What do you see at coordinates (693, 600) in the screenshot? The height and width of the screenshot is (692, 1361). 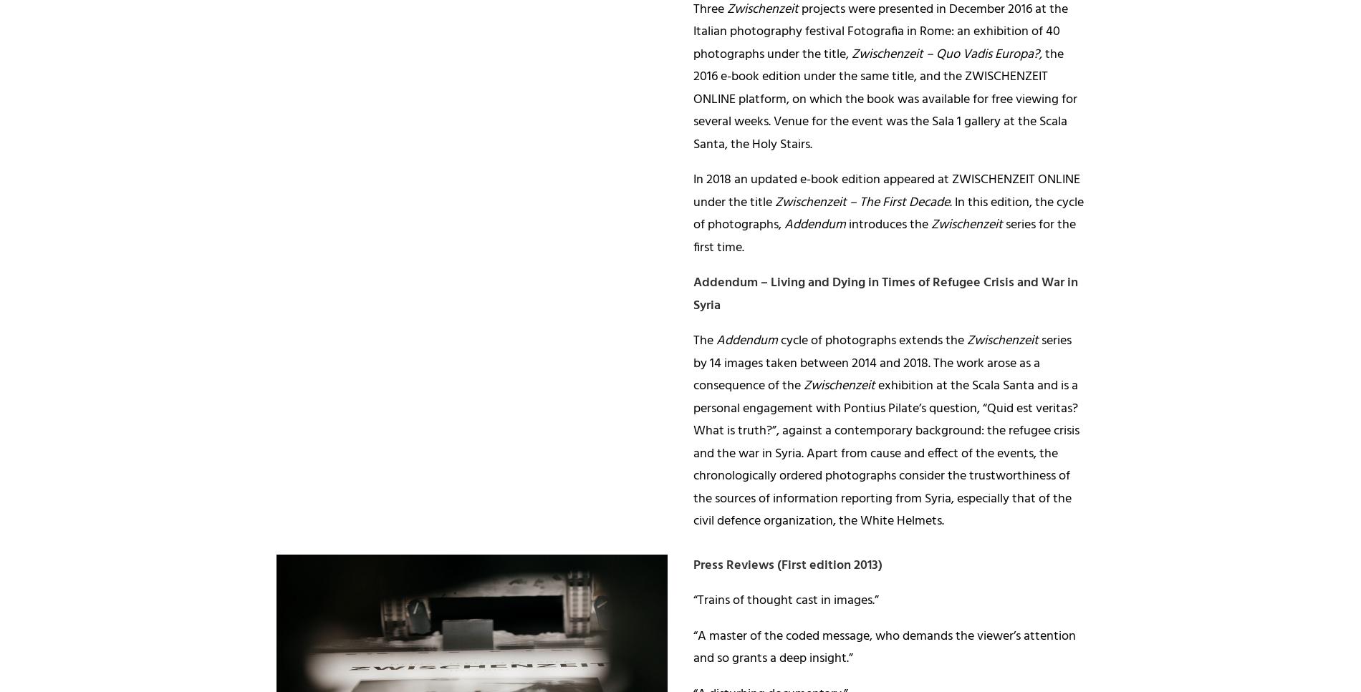 I see `'“Trains of thought cast in images.”'` at bounding box center [693, 600].